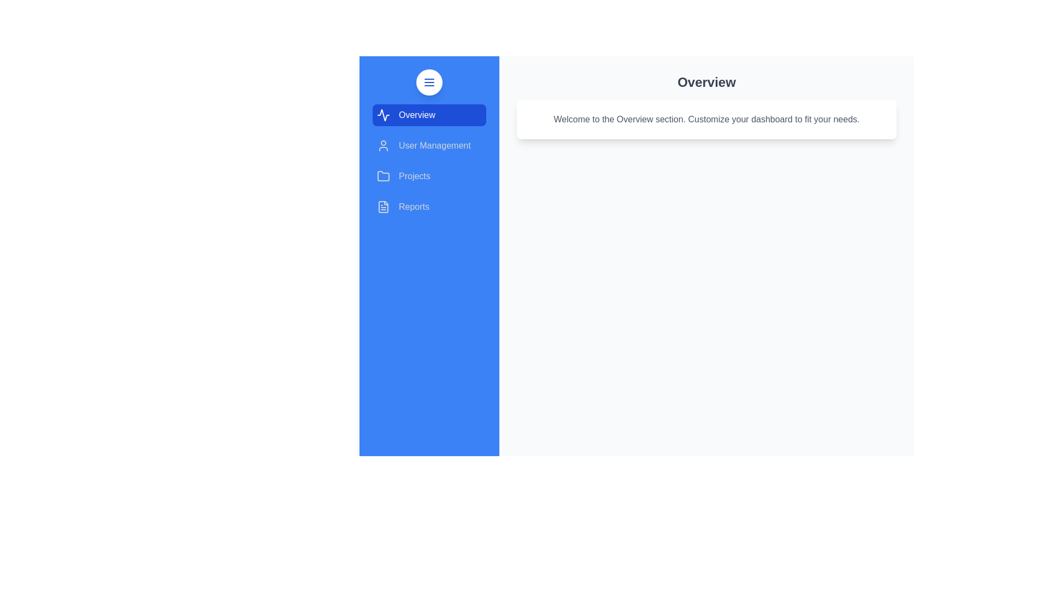 This screenshot has height=590, width=1049. What do you see at coordinates (429, 115) in the screenshot?
I see `the sidebar item corresponding to Overview` at bounding box center [429, 115].